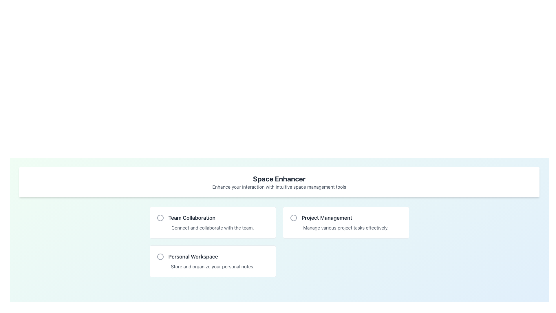 This screenshot has height=313, width=556. I want to click on the 'Personal Workspace' selectable card located in the bottom-left corner of the grid layout, so click(212, 261).